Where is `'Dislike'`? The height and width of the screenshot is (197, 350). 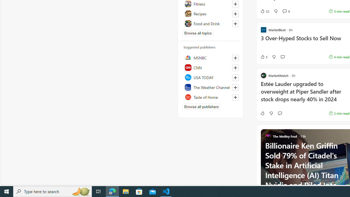
'Dislike' is located at coordinates (271, 113).